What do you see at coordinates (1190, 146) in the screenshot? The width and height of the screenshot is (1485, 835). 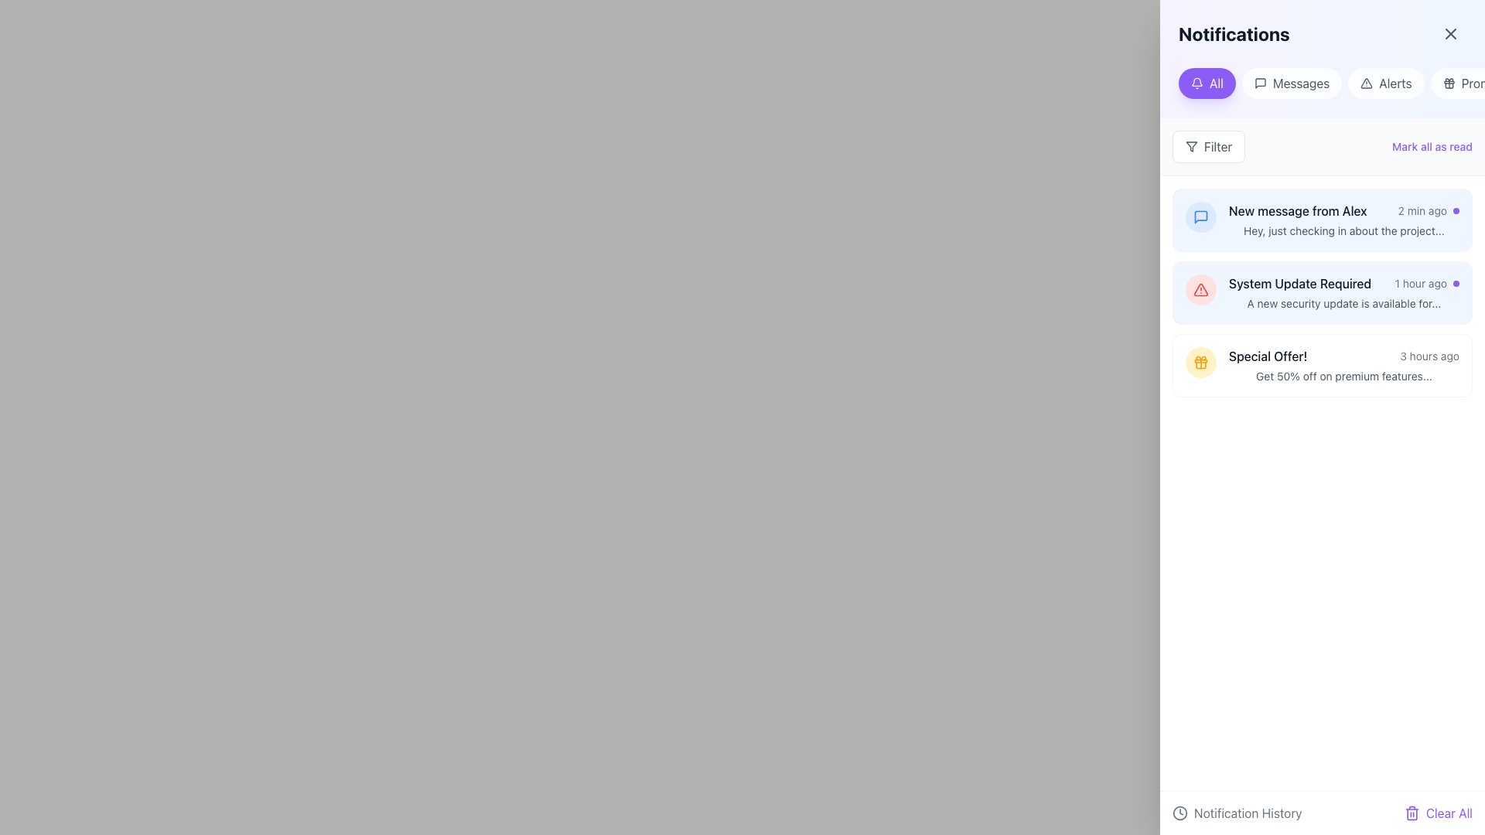 I see `the funnel icon located to the left of the 'Filter' text` at bounding box center [1190, 146].